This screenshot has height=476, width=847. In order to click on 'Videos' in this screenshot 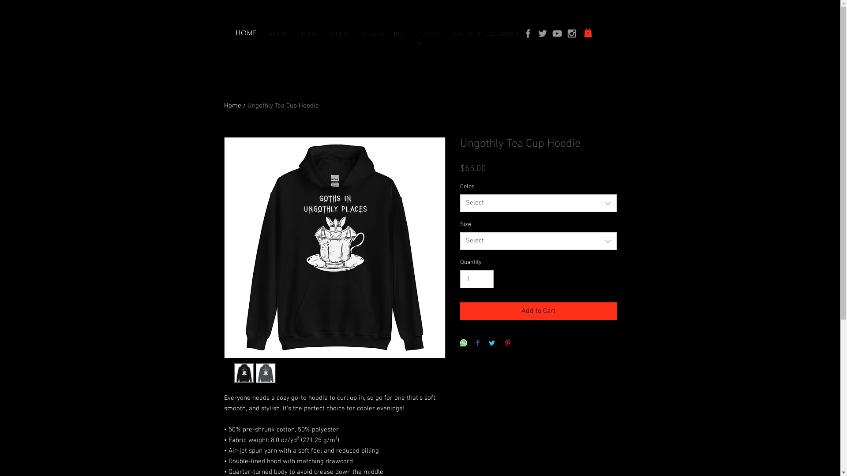, I will do `click(373, 33)`.